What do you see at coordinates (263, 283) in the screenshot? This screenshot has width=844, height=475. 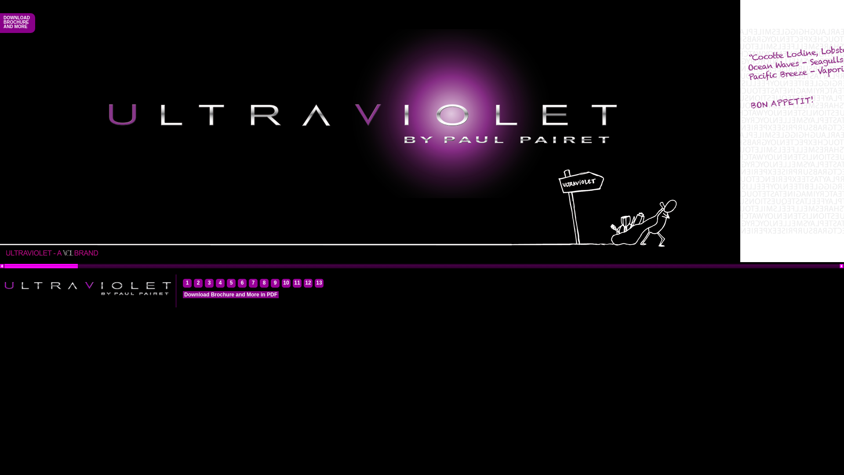 I see `'8'` at bounding box center [263, 283].